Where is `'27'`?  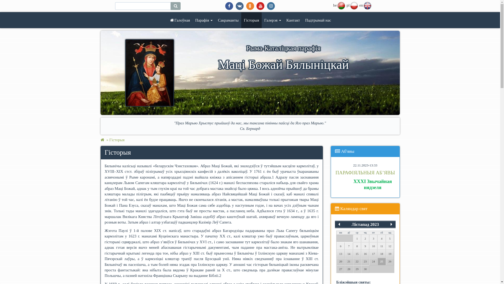 '27' is located at coordinates (340, 269).